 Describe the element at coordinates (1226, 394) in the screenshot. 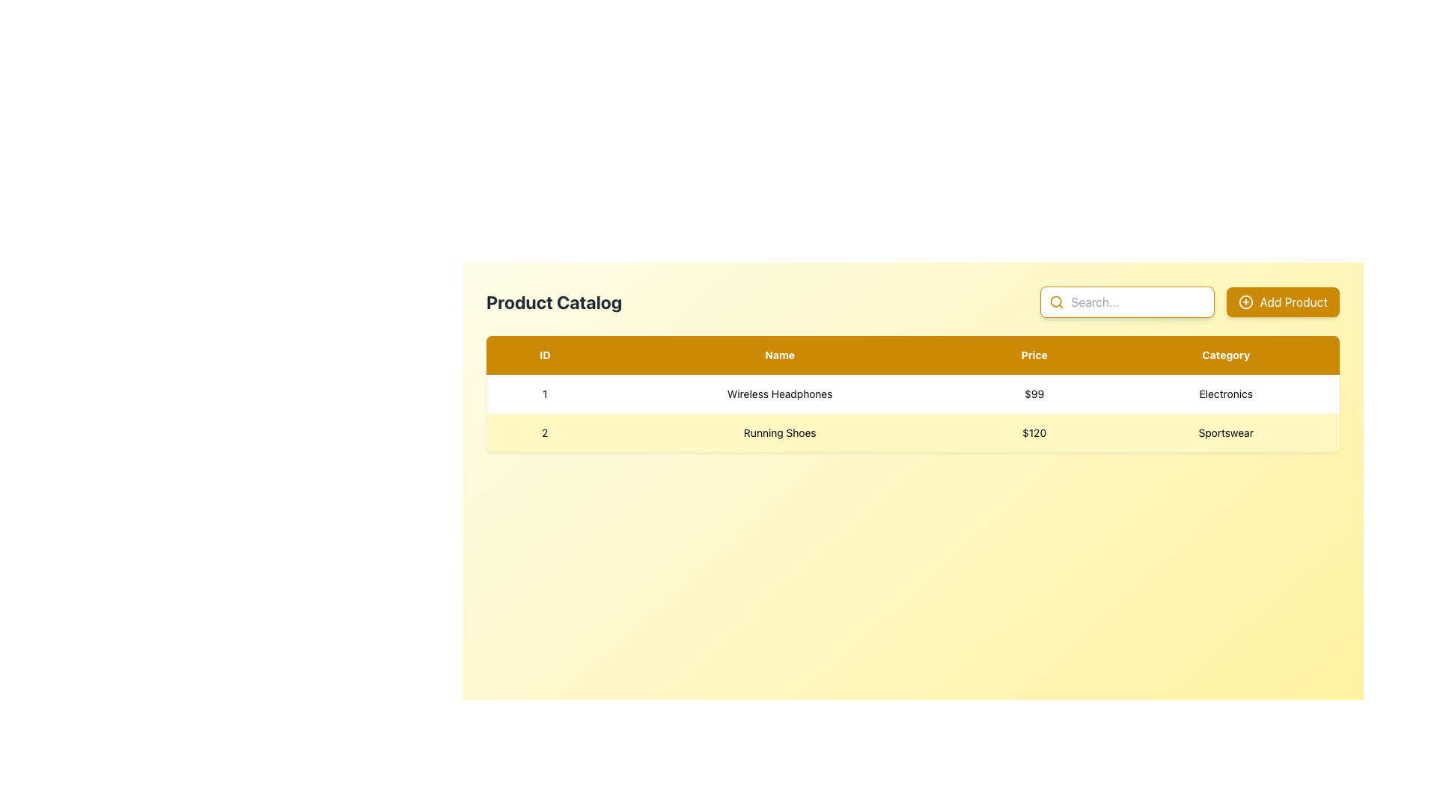

I see `the text label displaying 'Electronics' in the last column of the table for the product 'Wireless Headphones'` at that location.